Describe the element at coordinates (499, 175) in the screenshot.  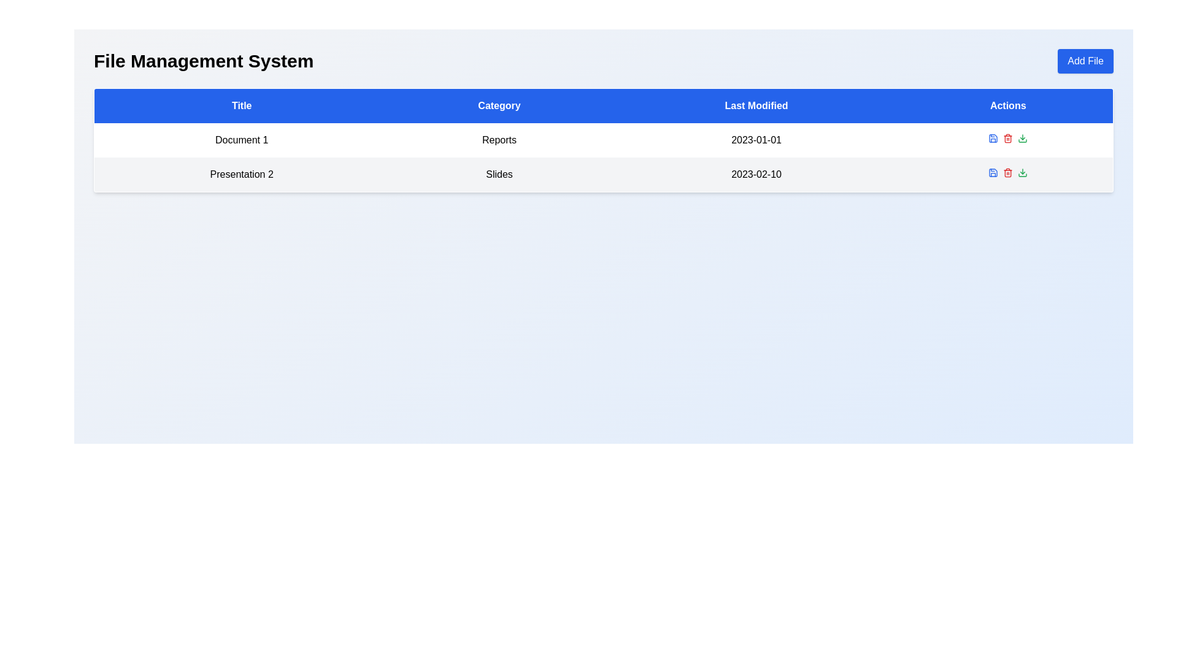
I see `the centered-aligned text label displaying 'Slides', which has black text on a light rectangular background, located in the second row of the table under the 'Category' column` at that location.